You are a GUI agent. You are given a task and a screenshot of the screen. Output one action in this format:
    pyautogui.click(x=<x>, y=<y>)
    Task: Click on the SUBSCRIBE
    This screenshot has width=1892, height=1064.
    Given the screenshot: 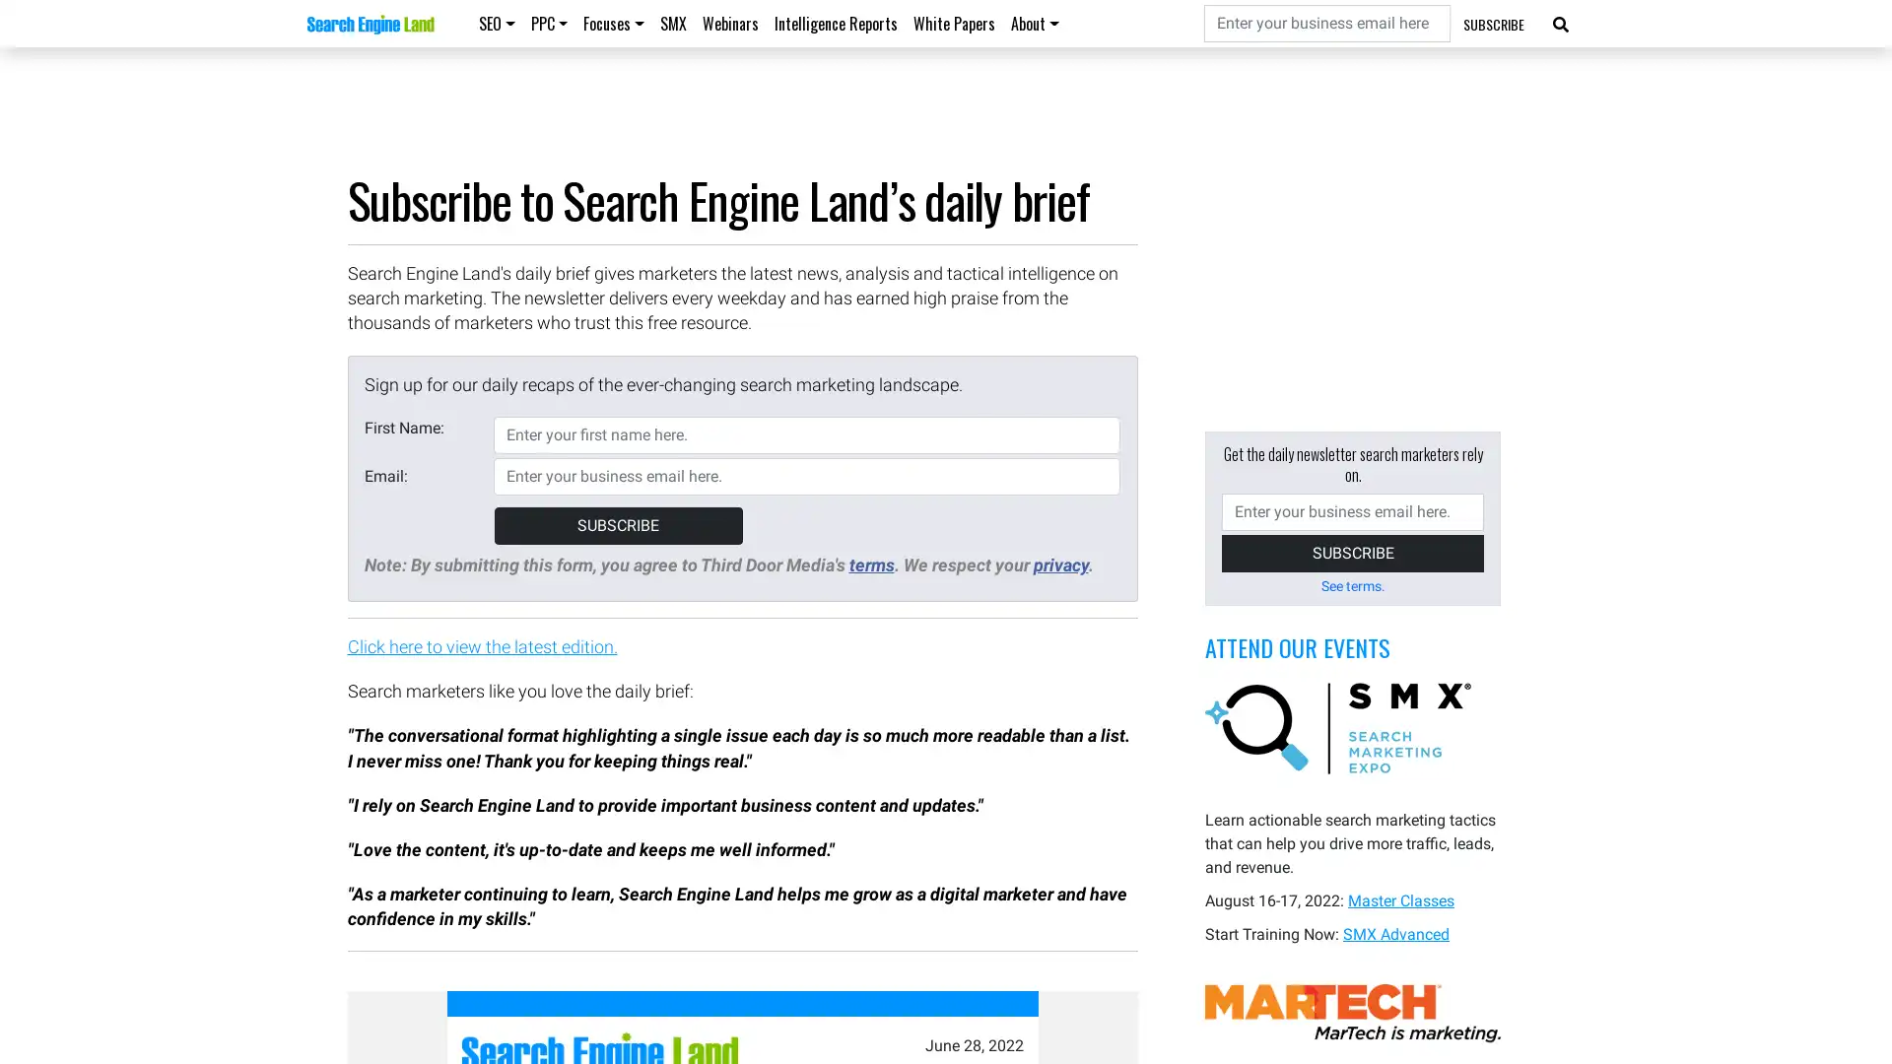 What is the action you would take?
    pyautogui.click(x=1494, y=23)
    